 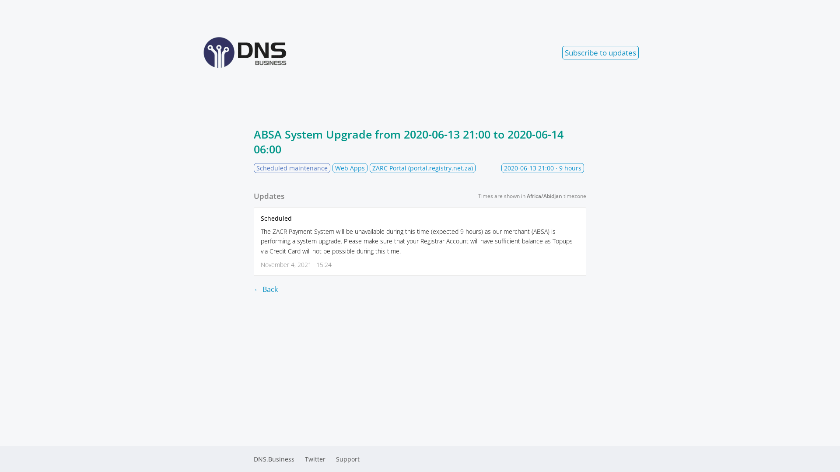 What do you see at coordinates (260, 218) in the screenshot?
I see `'Scheduled'` at bounding box center [260, 218].